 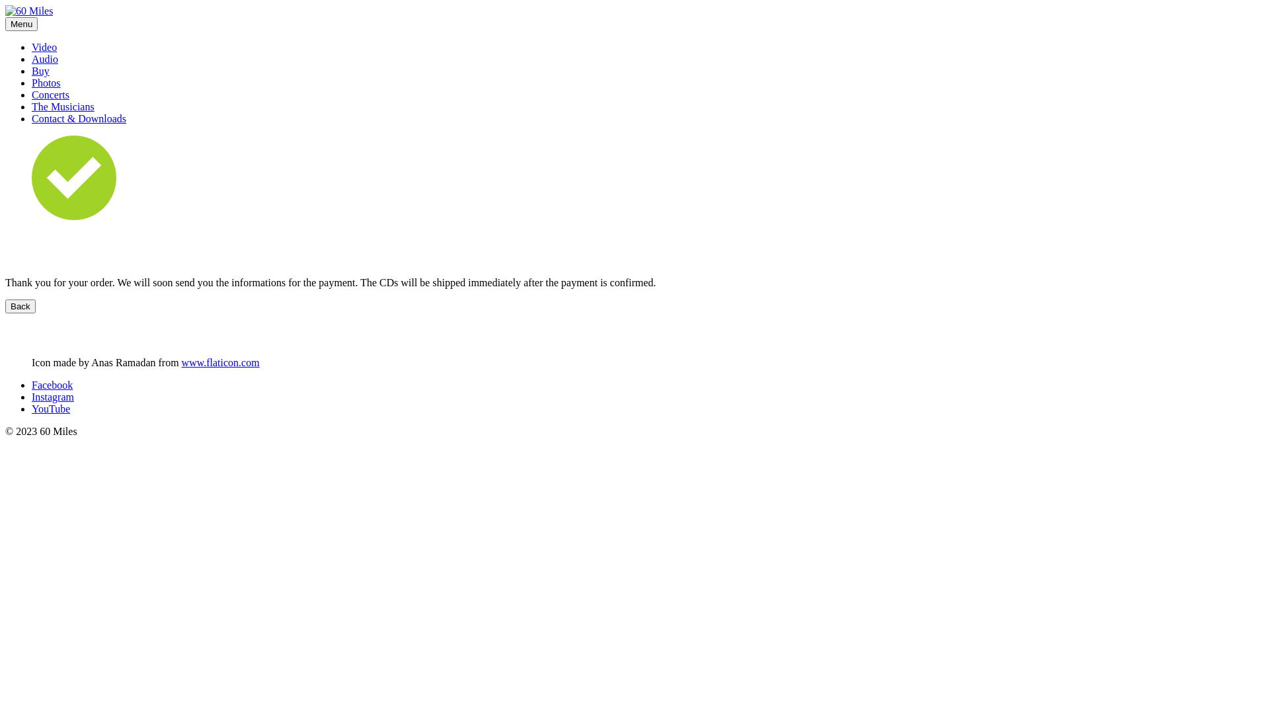 What do you see at coordinates (46, 83) in the screenshot?
I see `'Photos'` at bounding box center [46, 83].